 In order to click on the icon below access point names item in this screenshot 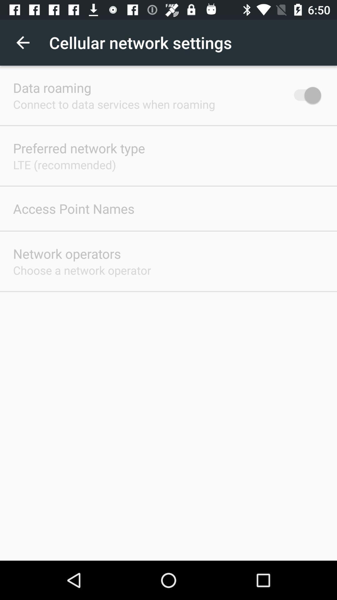, I will do `click(67, 253)`.